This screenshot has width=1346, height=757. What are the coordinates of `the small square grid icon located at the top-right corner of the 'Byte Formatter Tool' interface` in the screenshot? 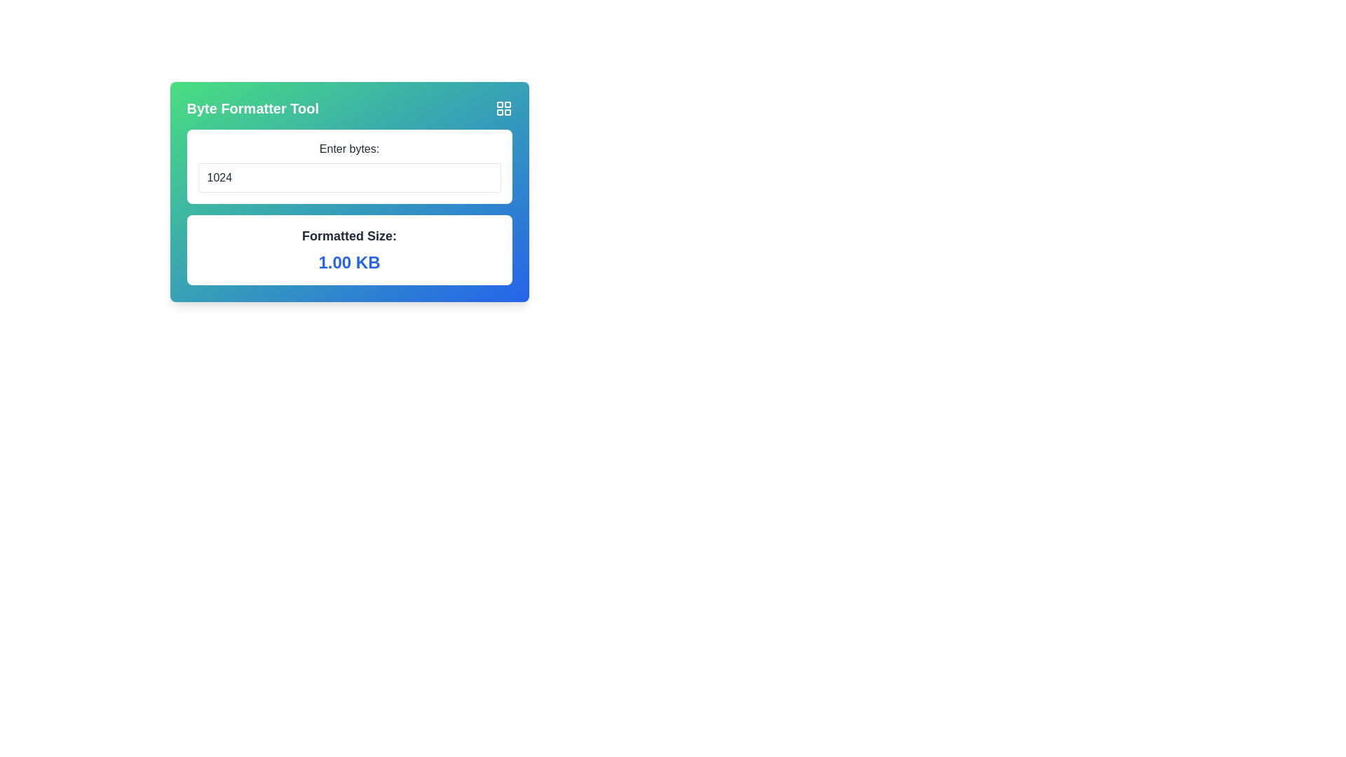 It's located at (503, 107).